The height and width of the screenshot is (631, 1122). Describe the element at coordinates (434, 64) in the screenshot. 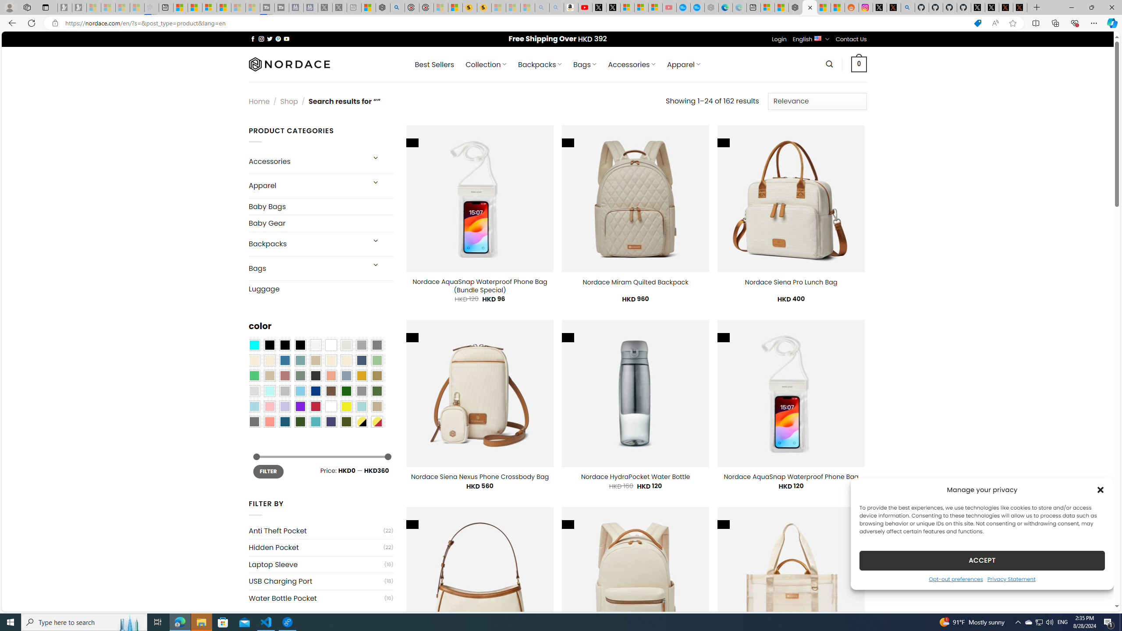

I see `'  Best Sellers'` at that location.